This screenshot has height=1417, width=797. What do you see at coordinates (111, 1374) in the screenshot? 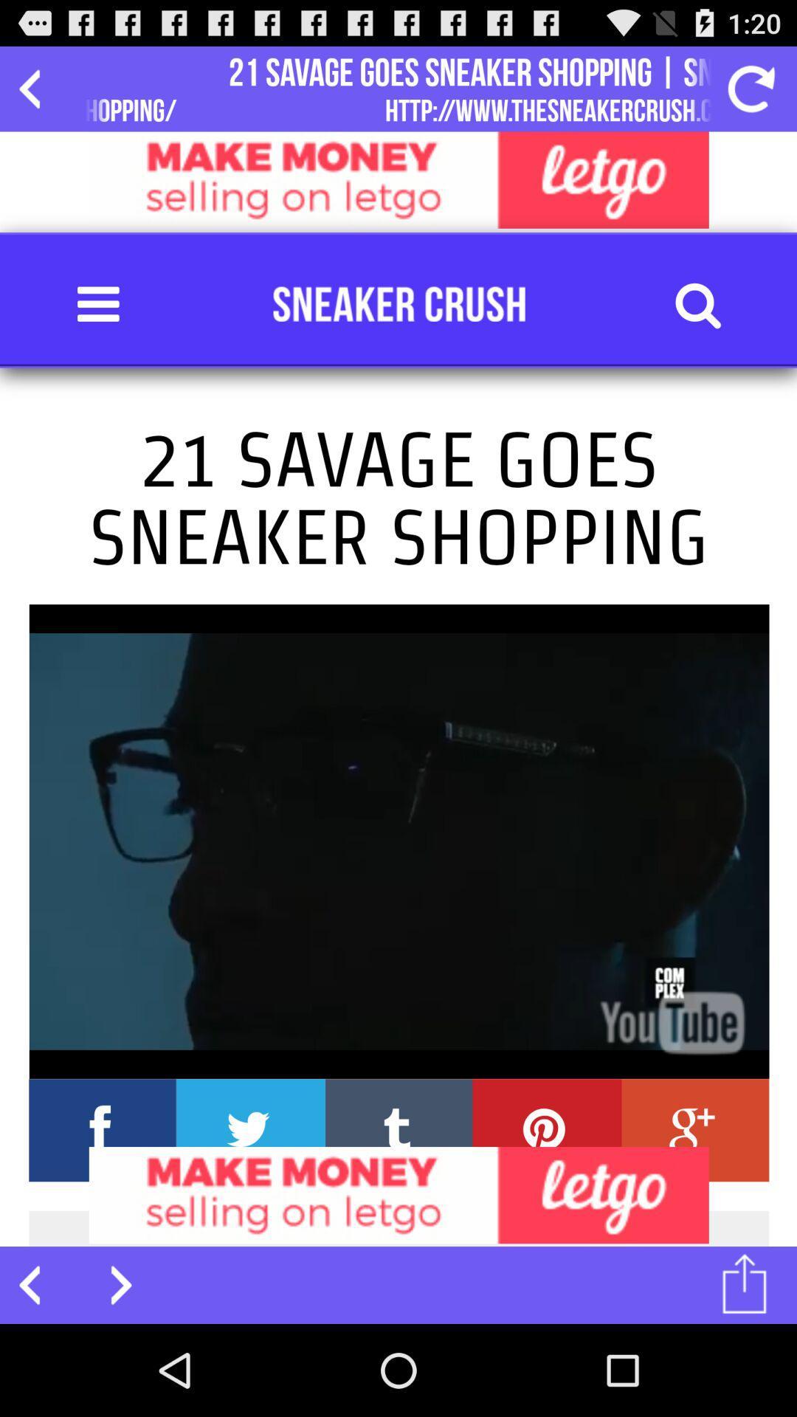
I see `the arrow_forward icon` at bounding box center [111, 1374].